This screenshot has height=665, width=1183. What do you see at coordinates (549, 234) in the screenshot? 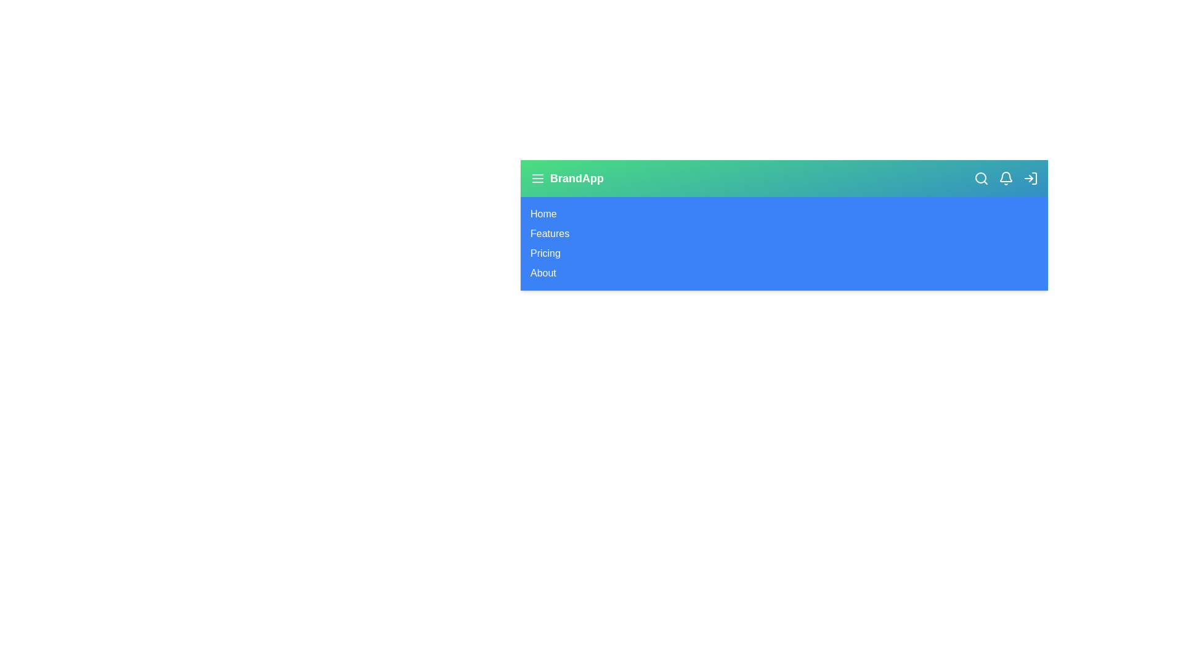
I see `the menu item corresponding to Features to navigate to that section` at bounding box center [549, 234].